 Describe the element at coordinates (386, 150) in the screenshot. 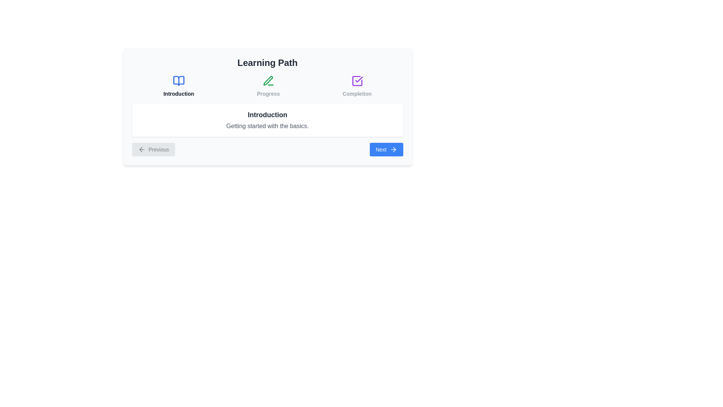

I see `the 'Next' button to navigate to the next topic` at that location.